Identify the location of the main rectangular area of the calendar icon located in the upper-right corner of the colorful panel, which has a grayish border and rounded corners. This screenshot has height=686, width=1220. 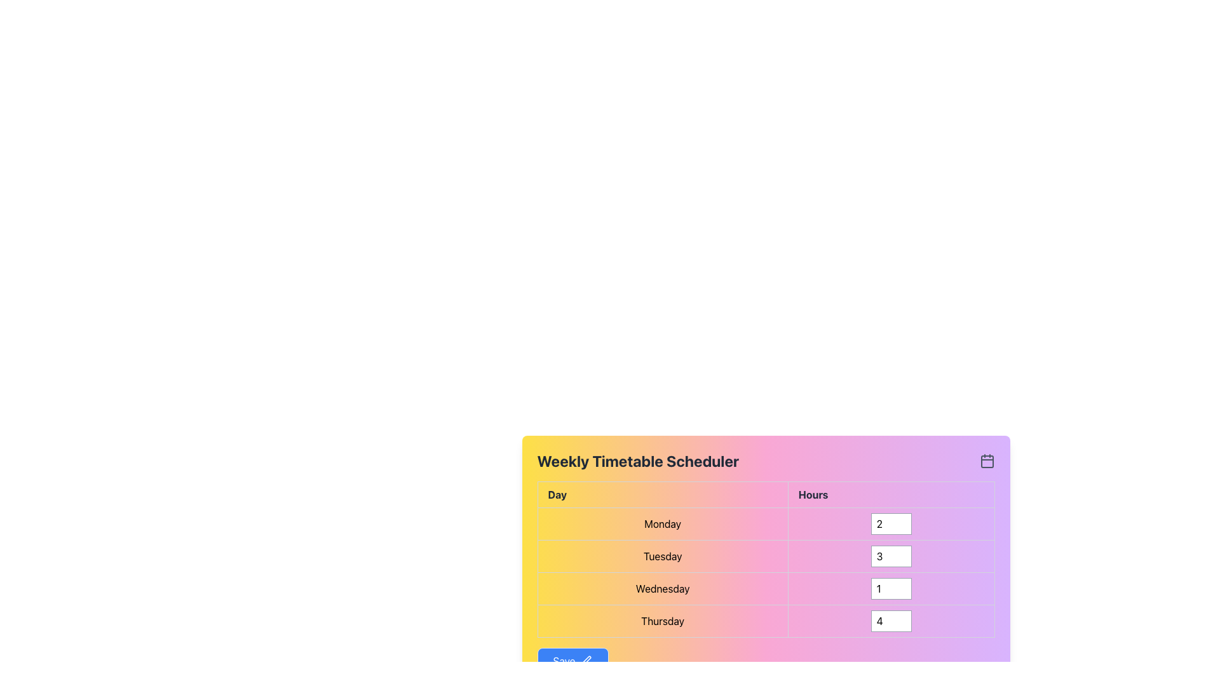
(986, 461).